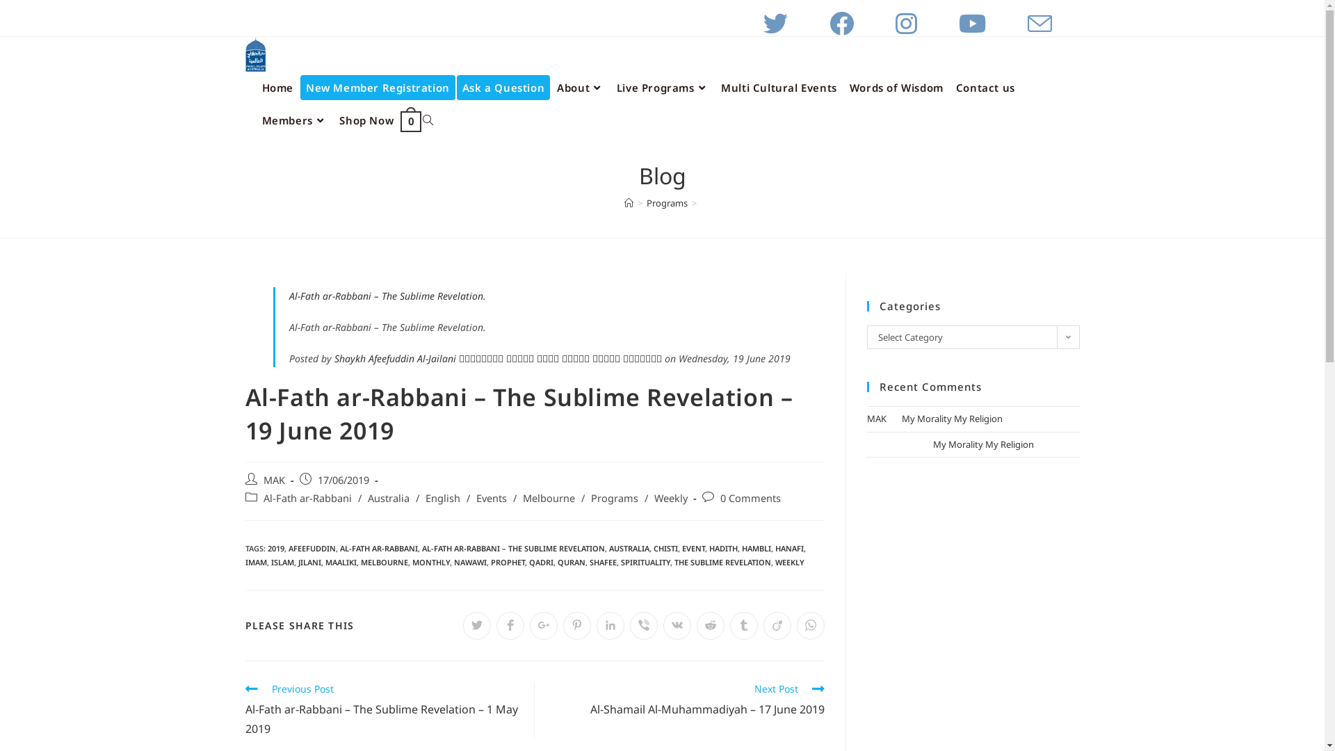 This screenshot has height=751, width=1335. Describe the element at coordinates (442, 497) in the screenshot. I see `'English'` at that location.